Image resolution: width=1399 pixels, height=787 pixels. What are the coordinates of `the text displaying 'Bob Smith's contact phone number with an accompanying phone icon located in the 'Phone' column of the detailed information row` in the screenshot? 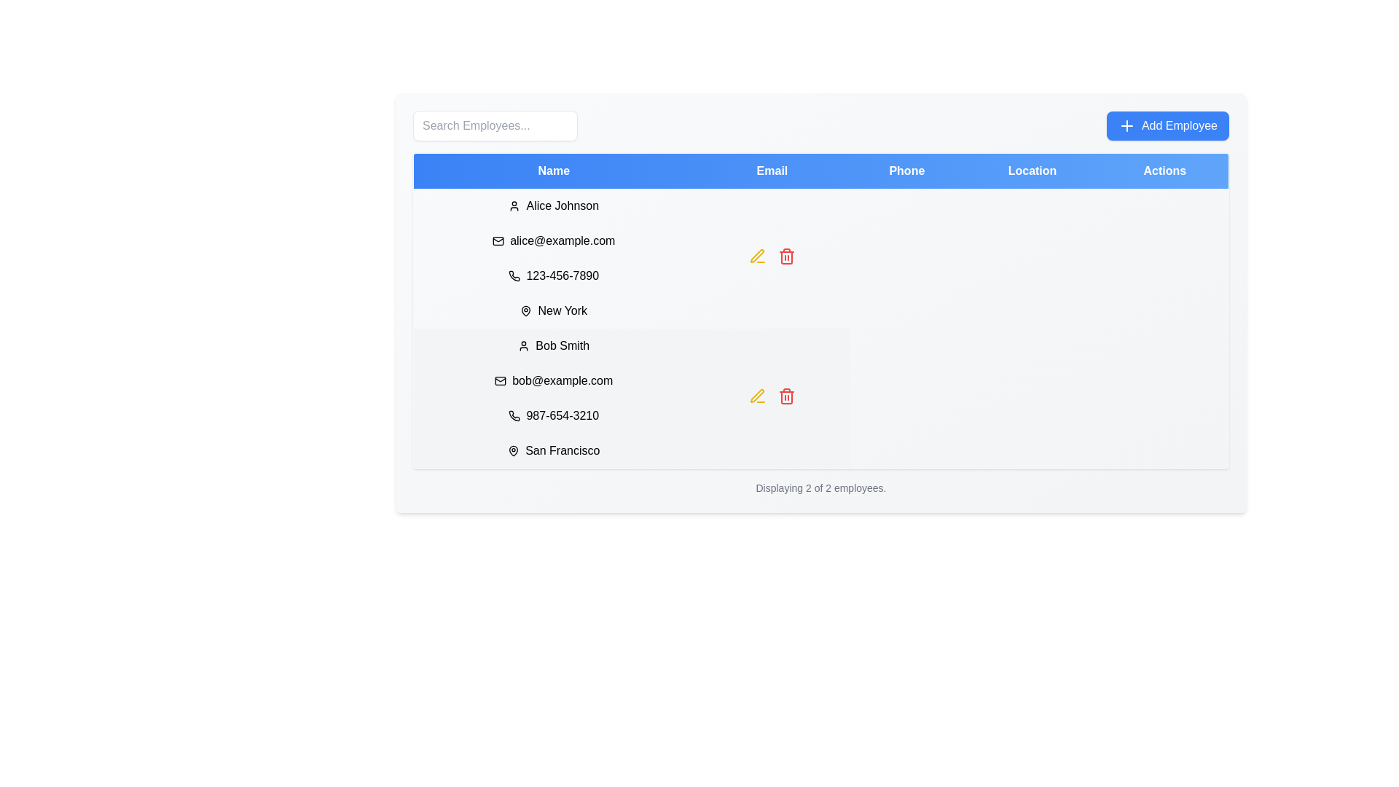 It's located at (553, 415).